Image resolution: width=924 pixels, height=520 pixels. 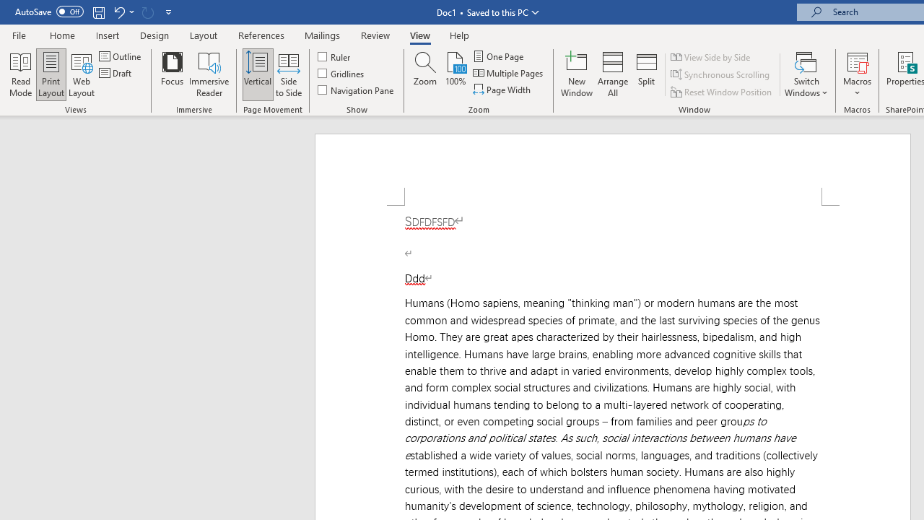 What do you see at coordinates (502, 90) in the screenshot?
I see `'Page Width'` at bounding box center [502, 90].